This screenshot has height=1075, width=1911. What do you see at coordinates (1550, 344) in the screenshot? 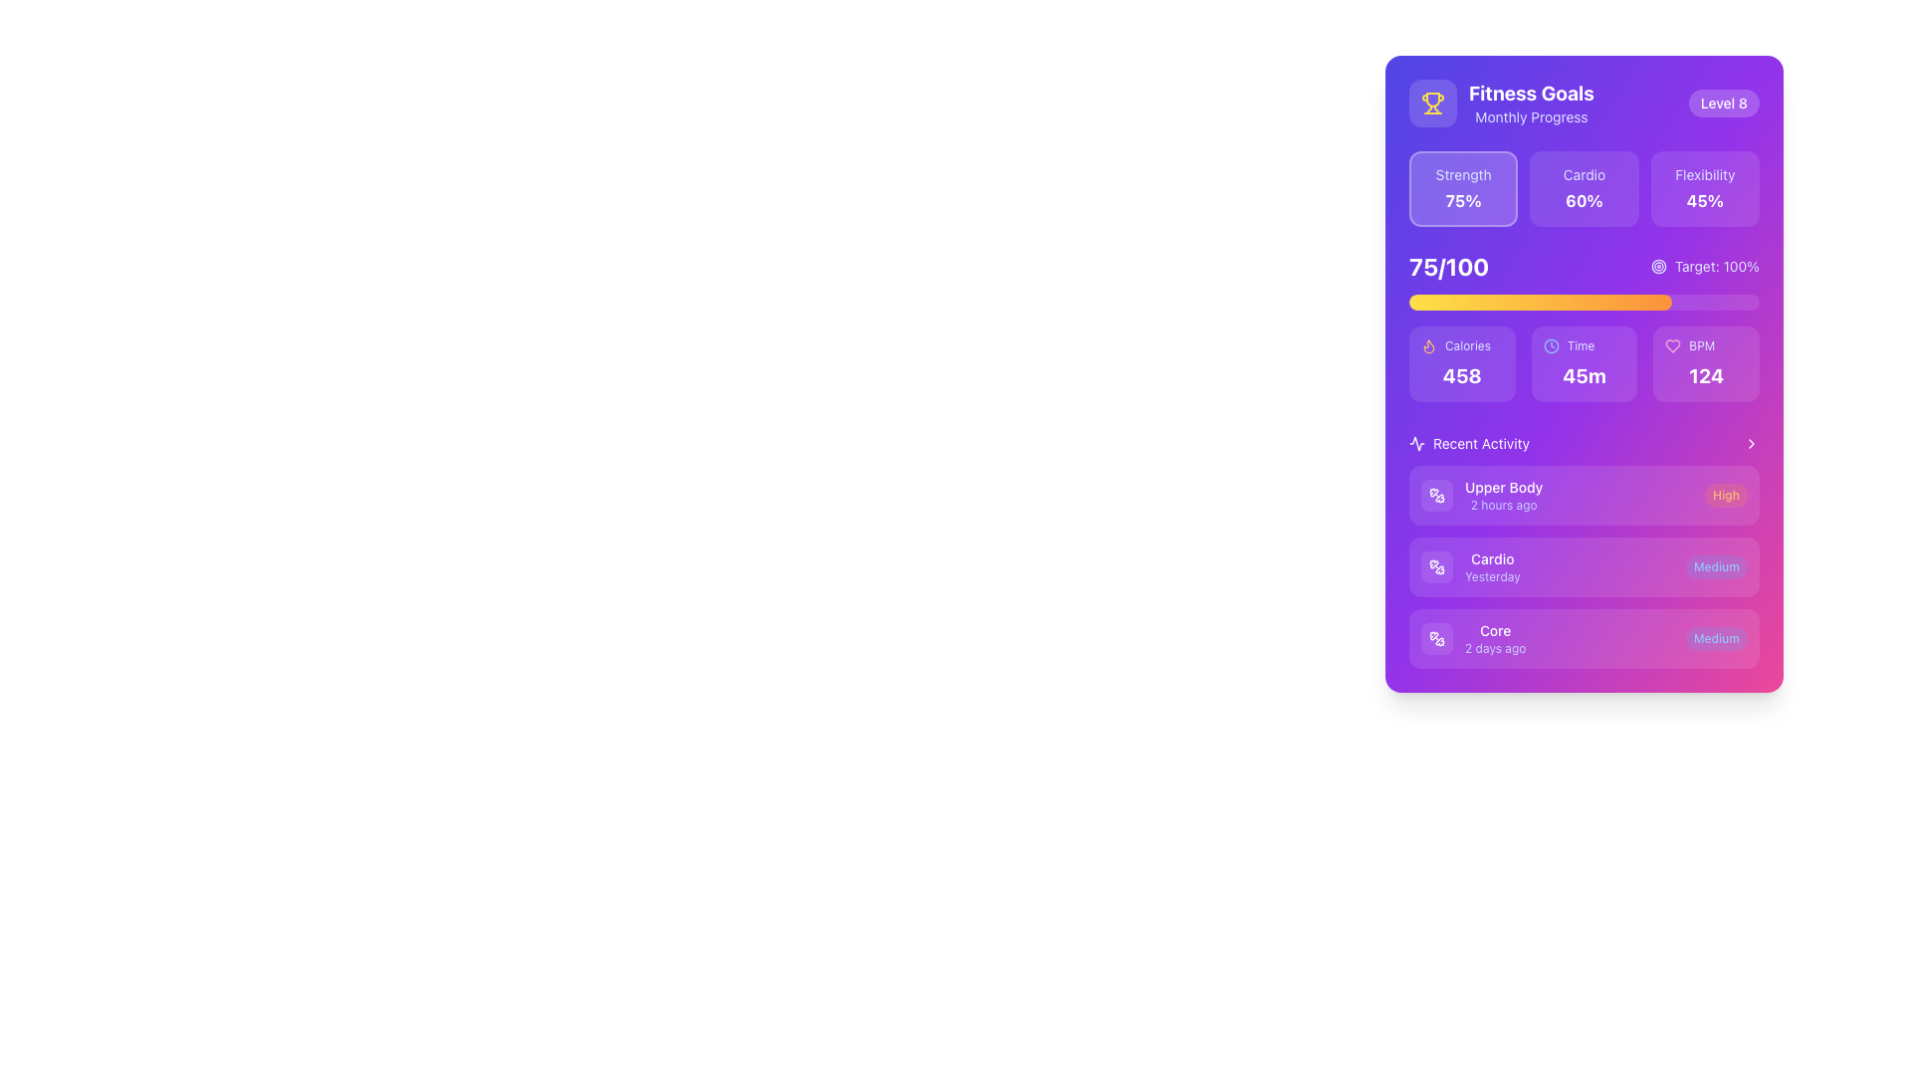
I see `the first circular component of the clock icon representing the time duration metric '45m' located under the 'Time' label` at bounding box center [1550, 344].